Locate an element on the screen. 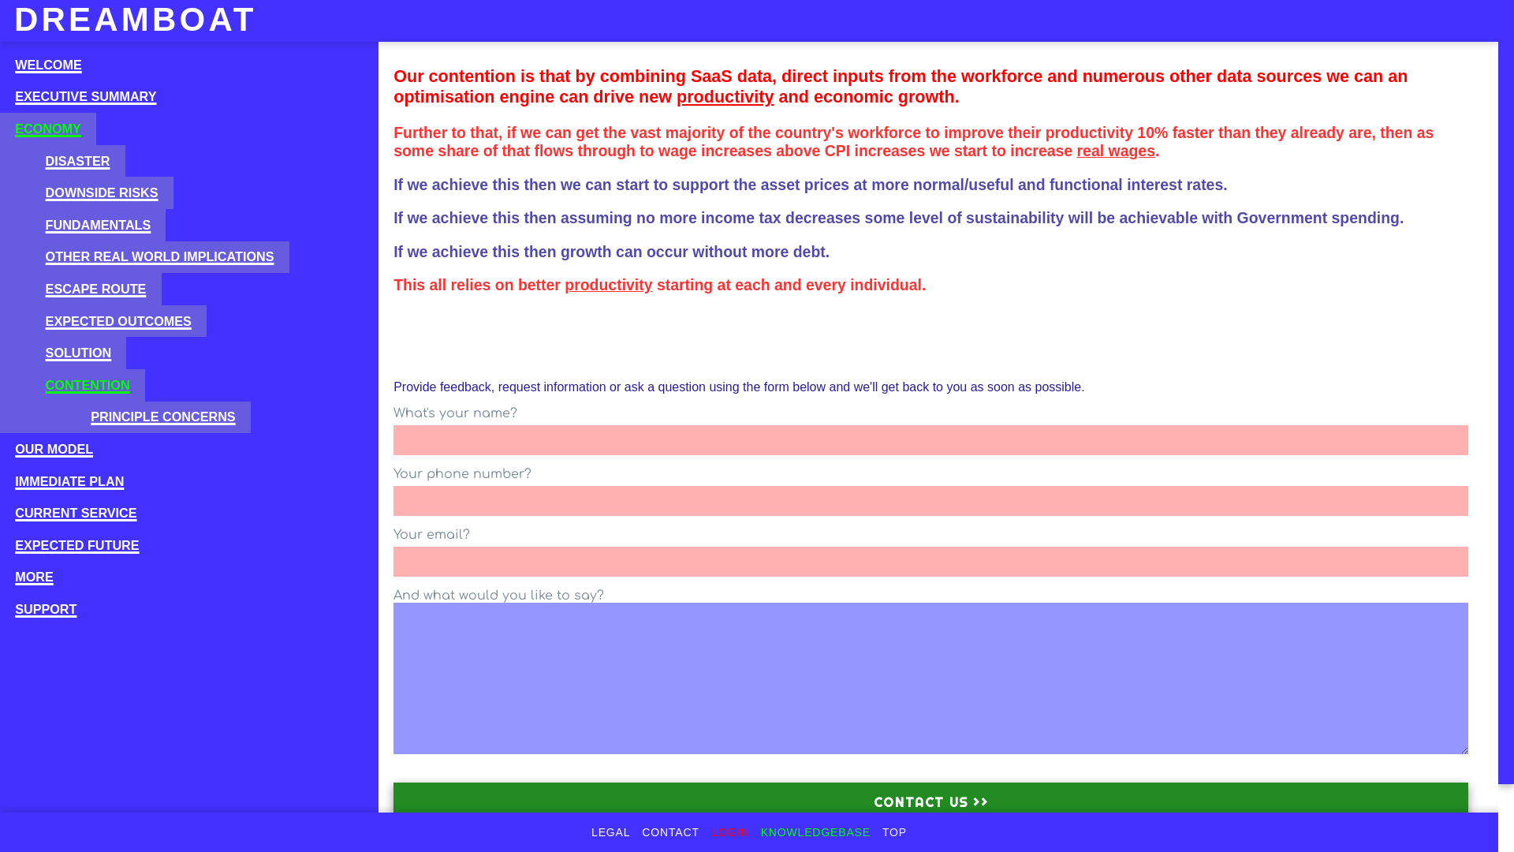 The width and height of the screenshot is (1514, 852). 'real wages' is located at coordinates (1076, 151).